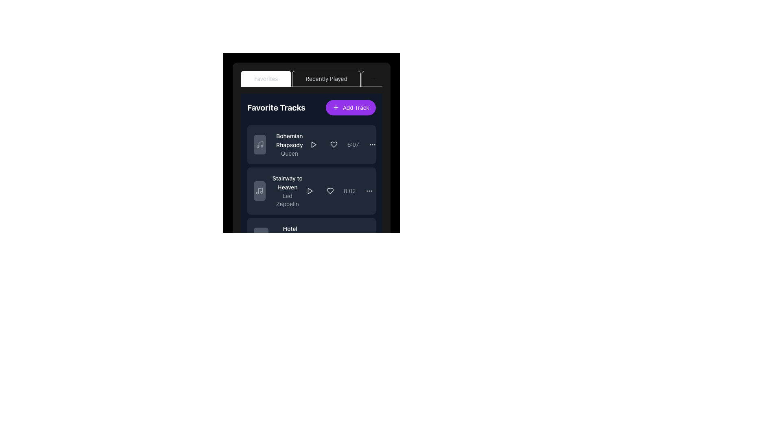  Describe the element at coordinates (290, 233) in the screenshot. I see `the text label displaying the title 'Hotel California' by 'Eagles' in the 'Favorite Tracks' section` at that location.